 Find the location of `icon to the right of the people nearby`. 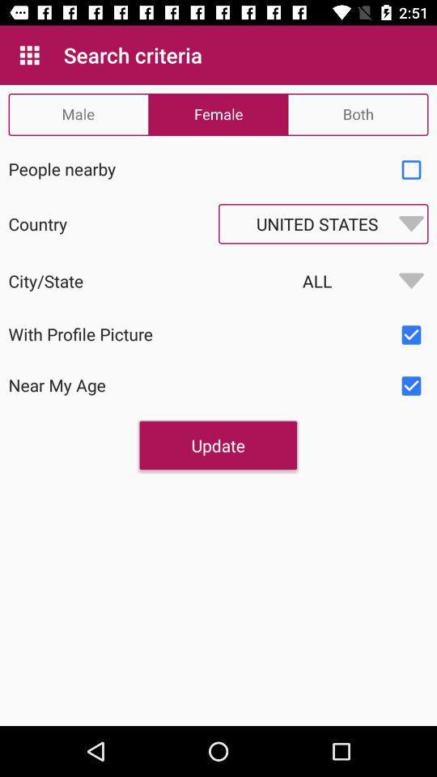

icon to the right of the people nearby is located at coordinates (411, 170).